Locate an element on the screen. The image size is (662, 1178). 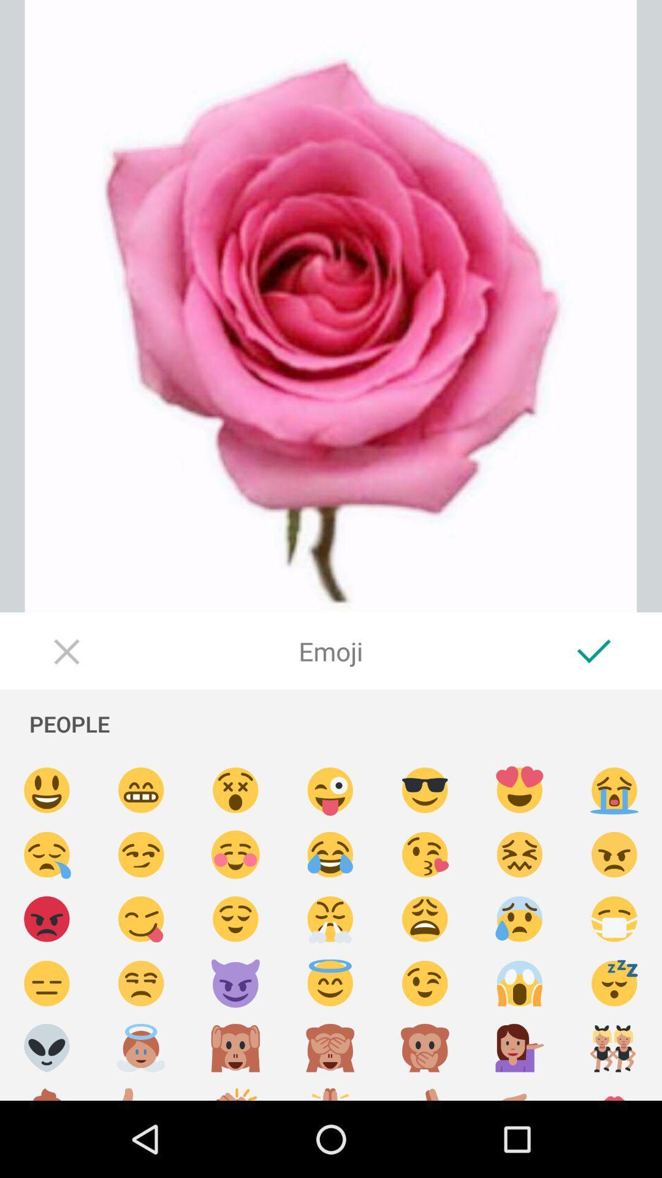
emoji is located at coordinates (235, 854).